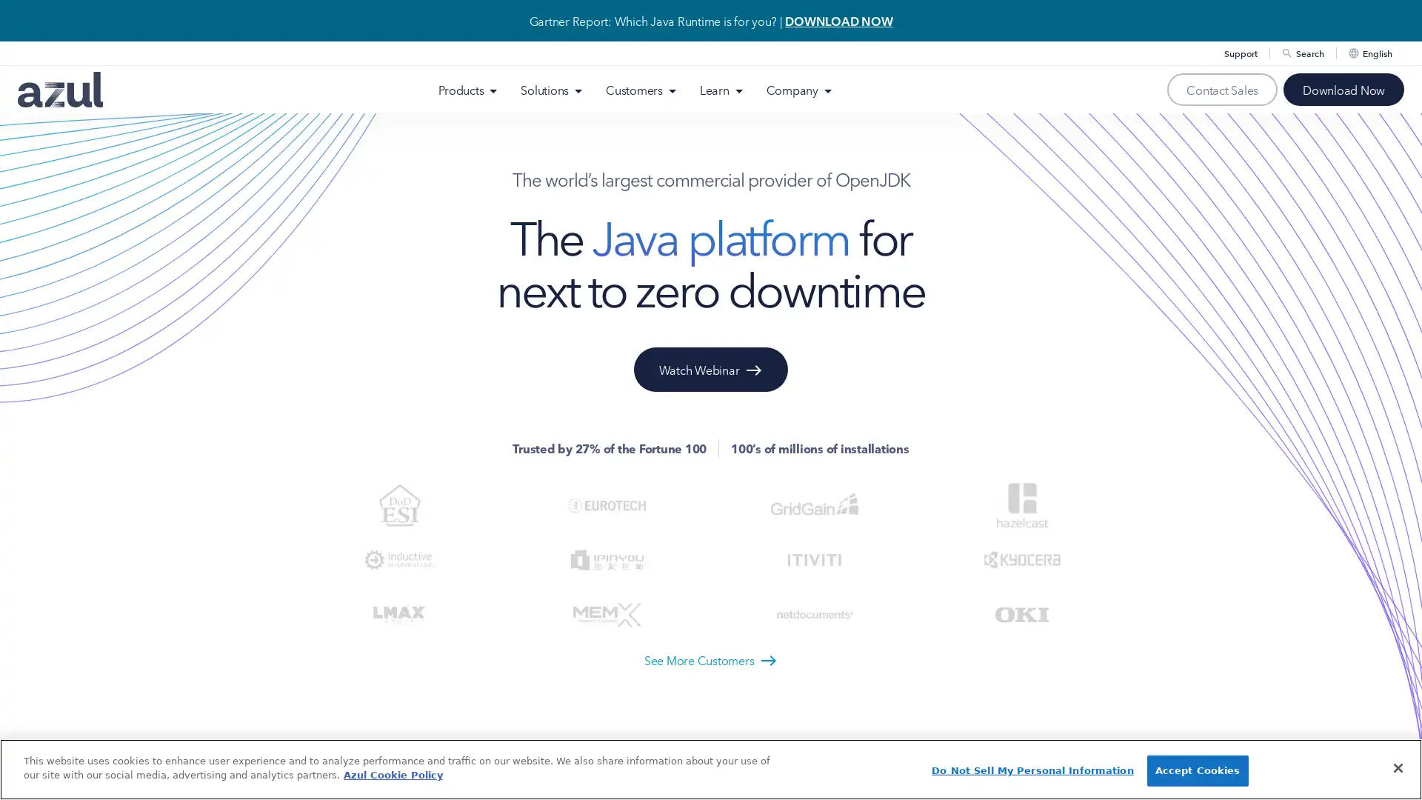  What do you see at coordinates (1397, 767) in the screenshot?
I see `Close` at bounding box center [1397, 767].